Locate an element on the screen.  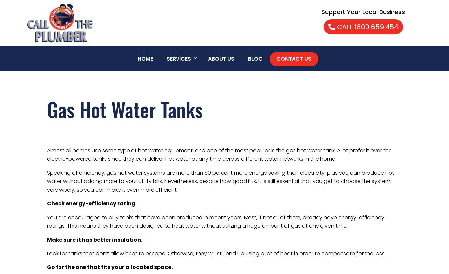
'Check energy-efficiency rating.' is located at coordinates (92, 203).